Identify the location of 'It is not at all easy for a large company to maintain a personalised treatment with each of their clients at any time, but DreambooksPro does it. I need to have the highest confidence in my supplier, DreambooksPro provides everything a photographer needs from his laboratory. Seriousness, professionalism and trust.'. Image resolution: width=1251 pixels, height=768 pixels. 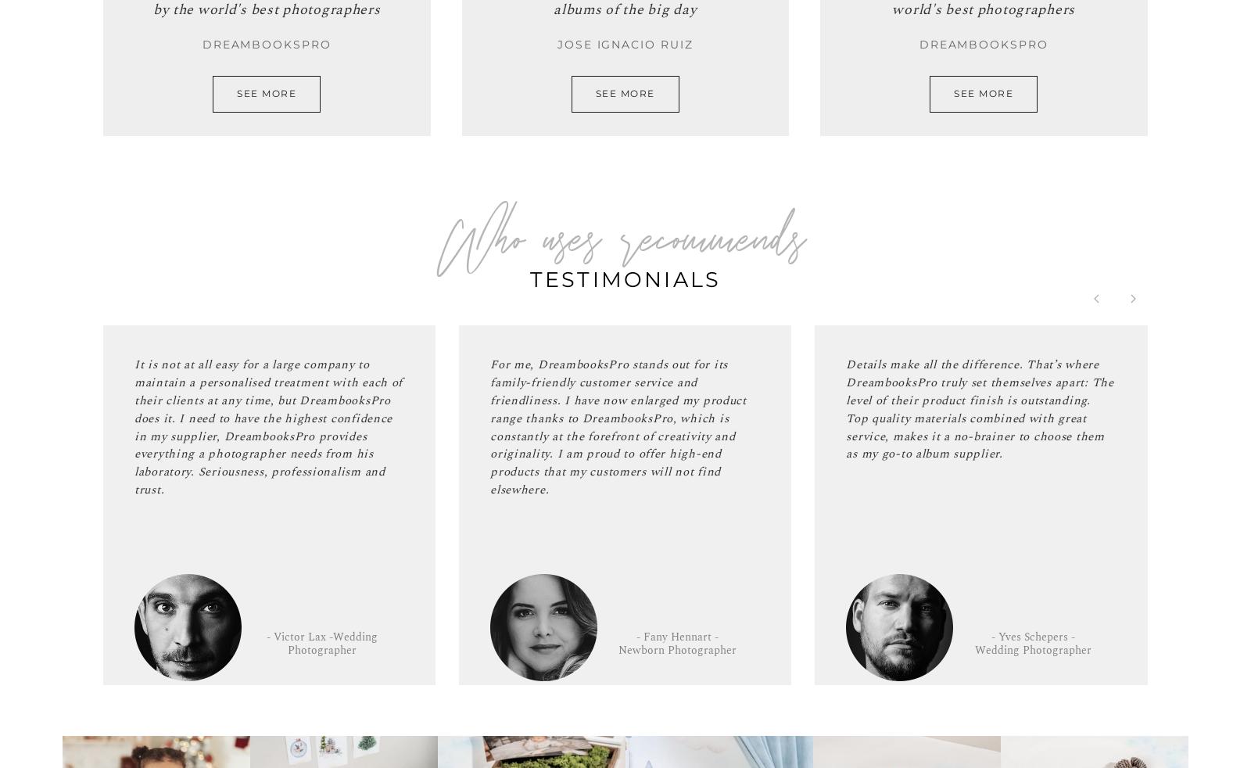
(268, 426).